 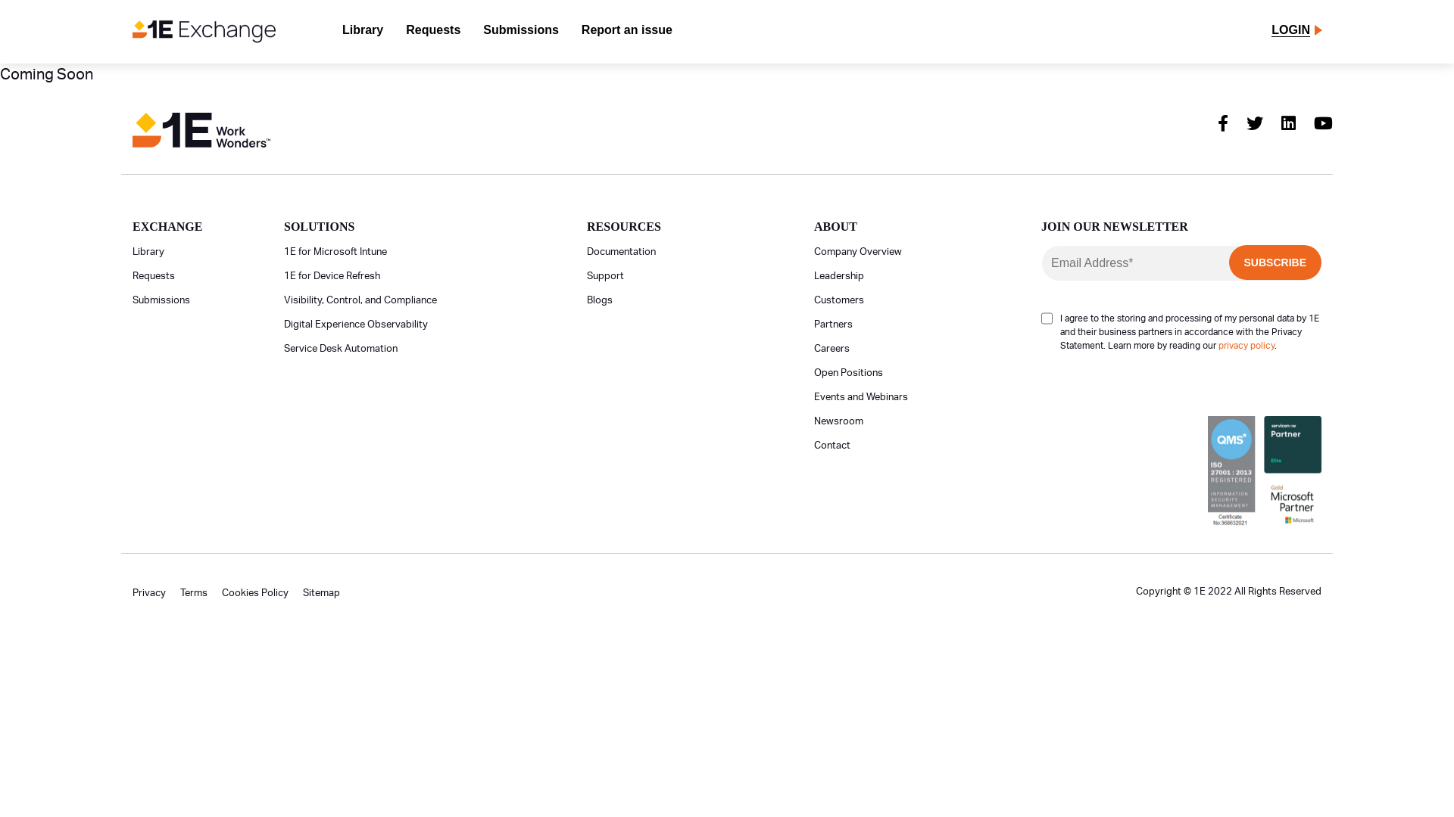 I want to click on 'Visibility, Control, and Compliance', so click(x=359, y=300).